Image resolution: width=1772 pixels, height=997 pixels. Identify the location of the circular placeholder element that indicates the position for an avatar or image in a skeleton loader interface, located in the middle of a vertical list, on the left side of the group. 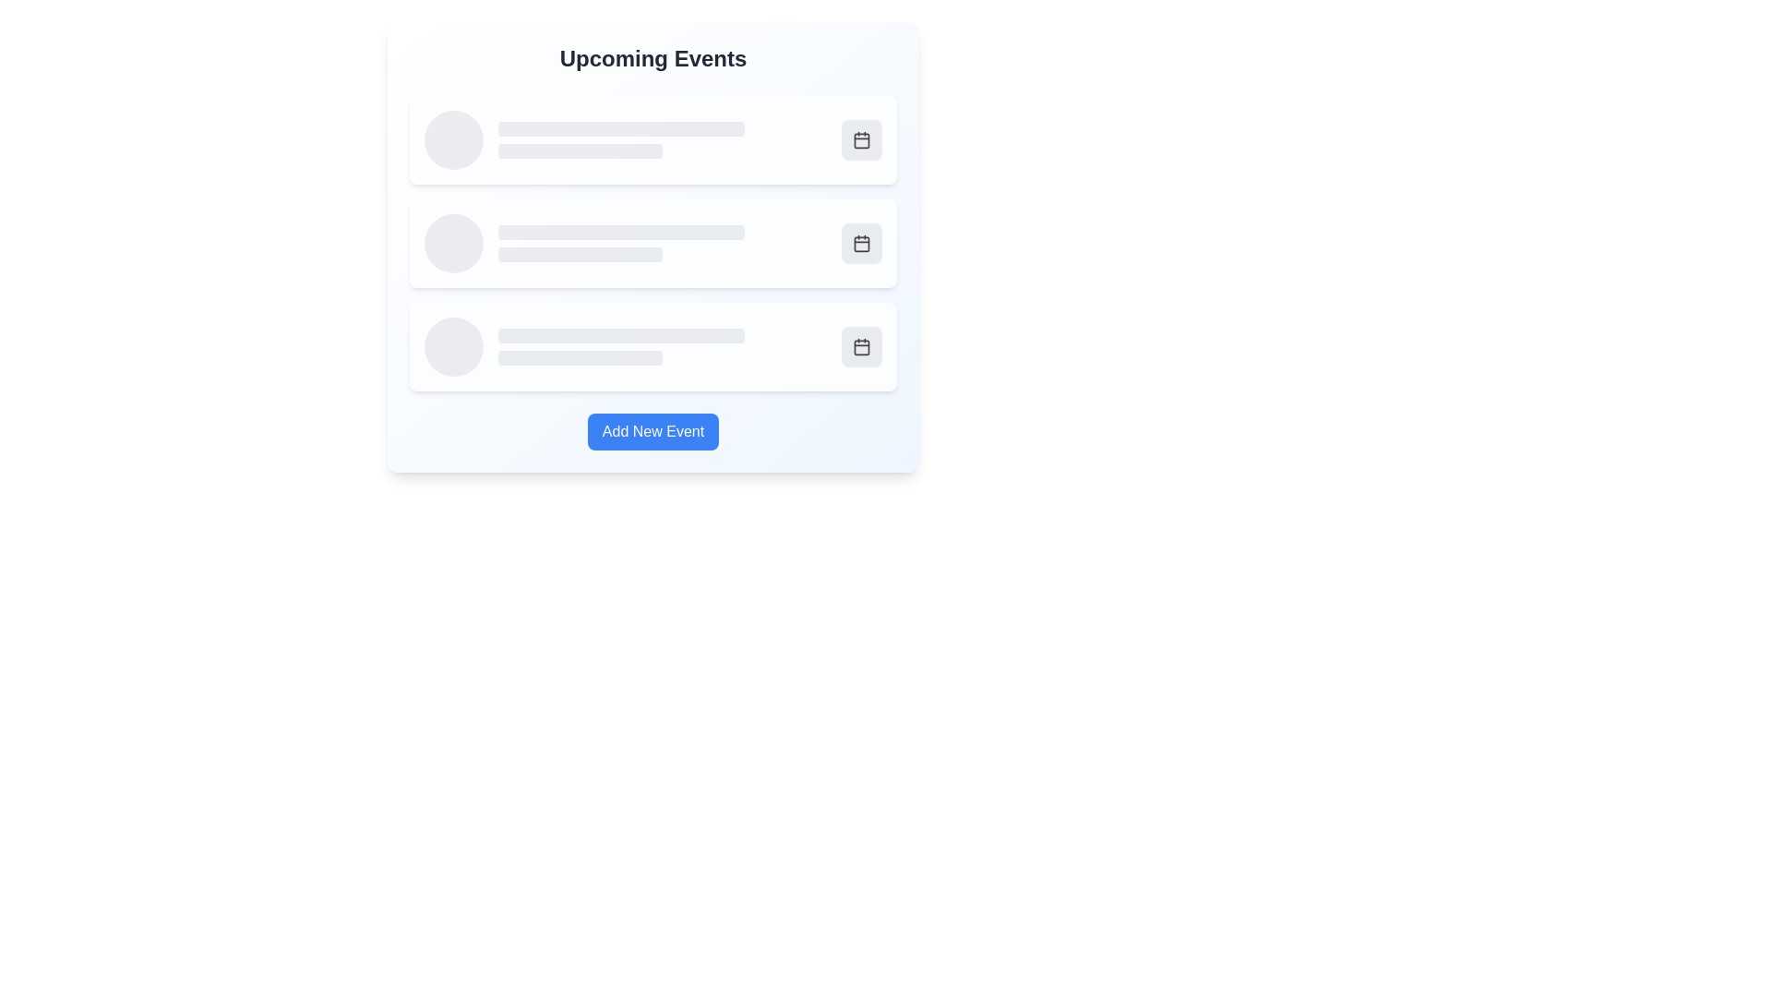
(453, 242).